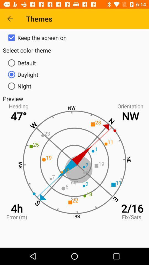 Image resolution: width=149 pixels, height=265 pixels. I want to click on icon below daylight icon, so click(74, 86).